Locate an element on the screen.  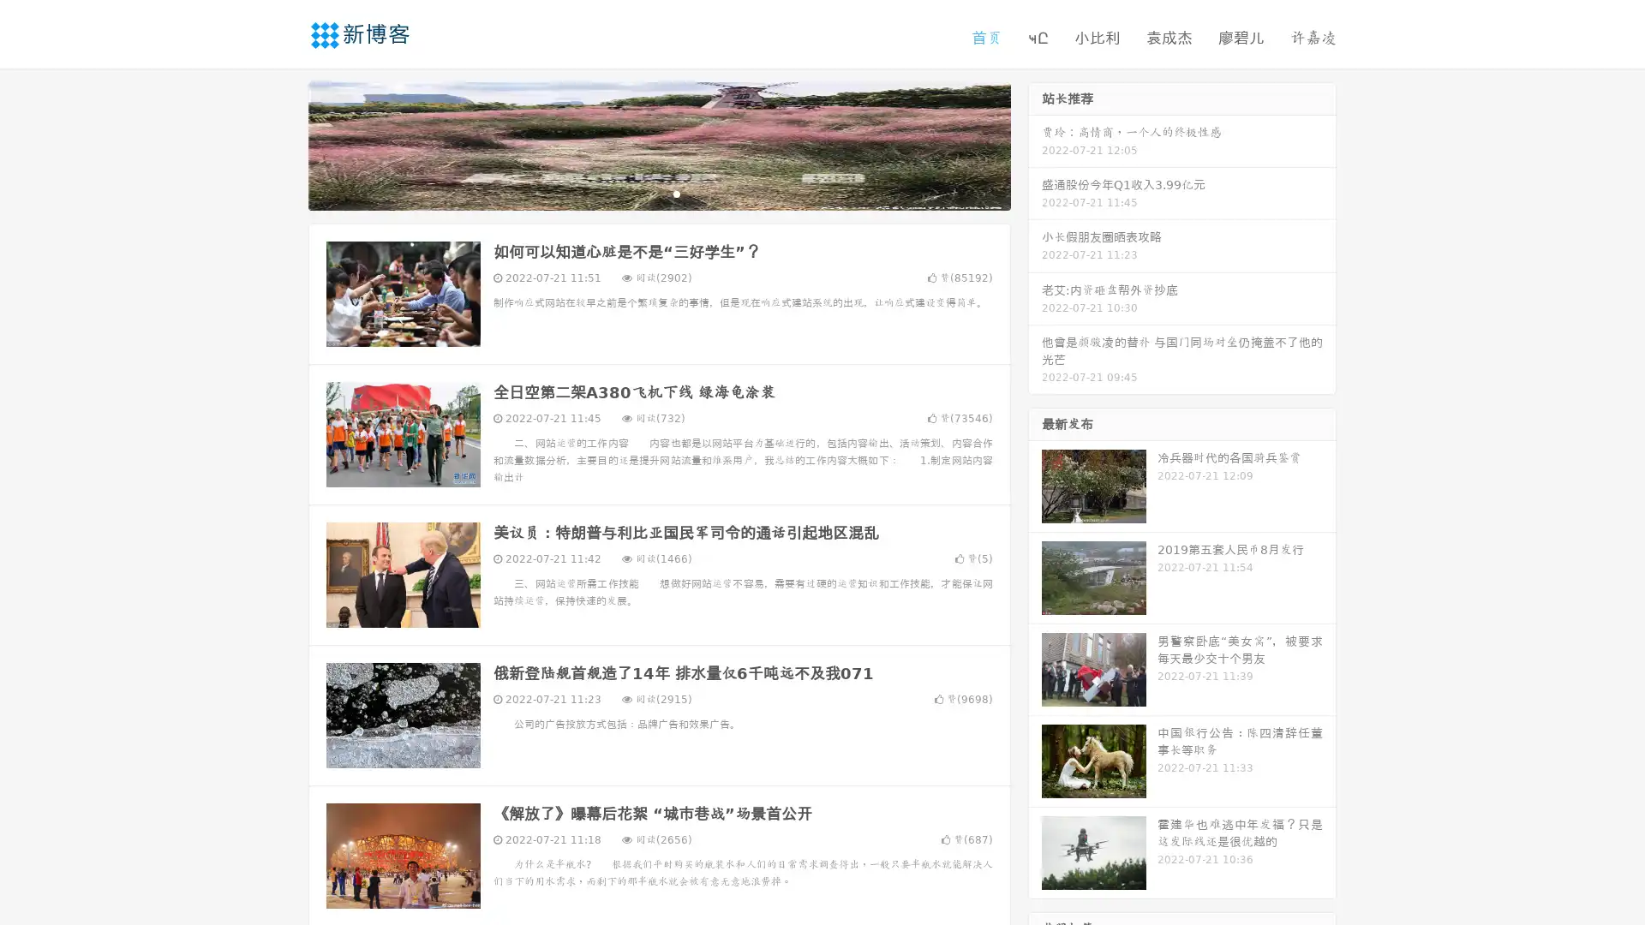
Previous slide is located at coordinates (283, 144).